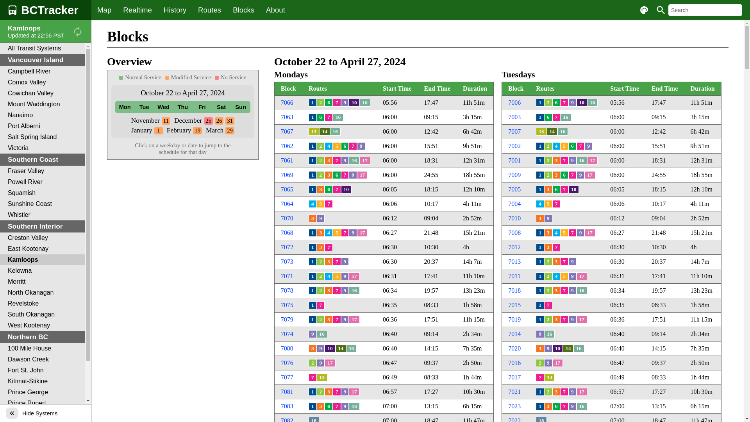 This screenshot has height=422, width=750. What do you see at coordinates (536, 392) in the screenshot?
I see `'1'` at bounding box center [536, 392].